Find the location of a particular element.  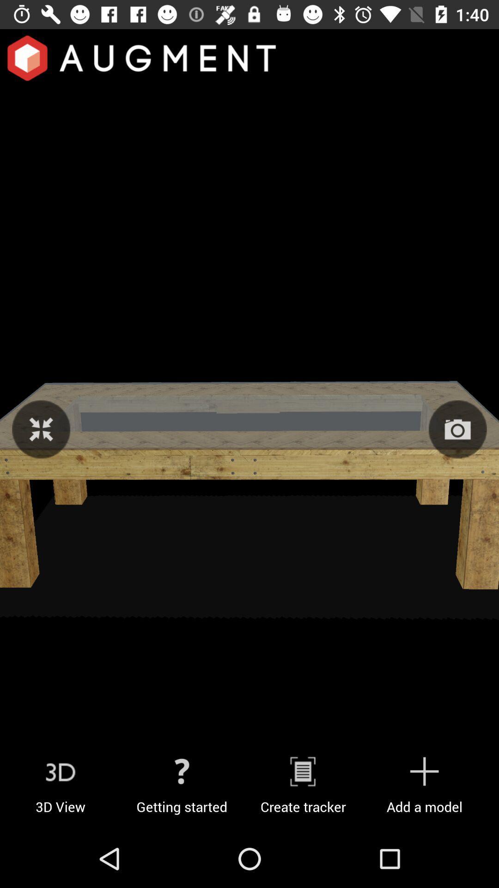

zoom image is located at coordinates (41, 429).